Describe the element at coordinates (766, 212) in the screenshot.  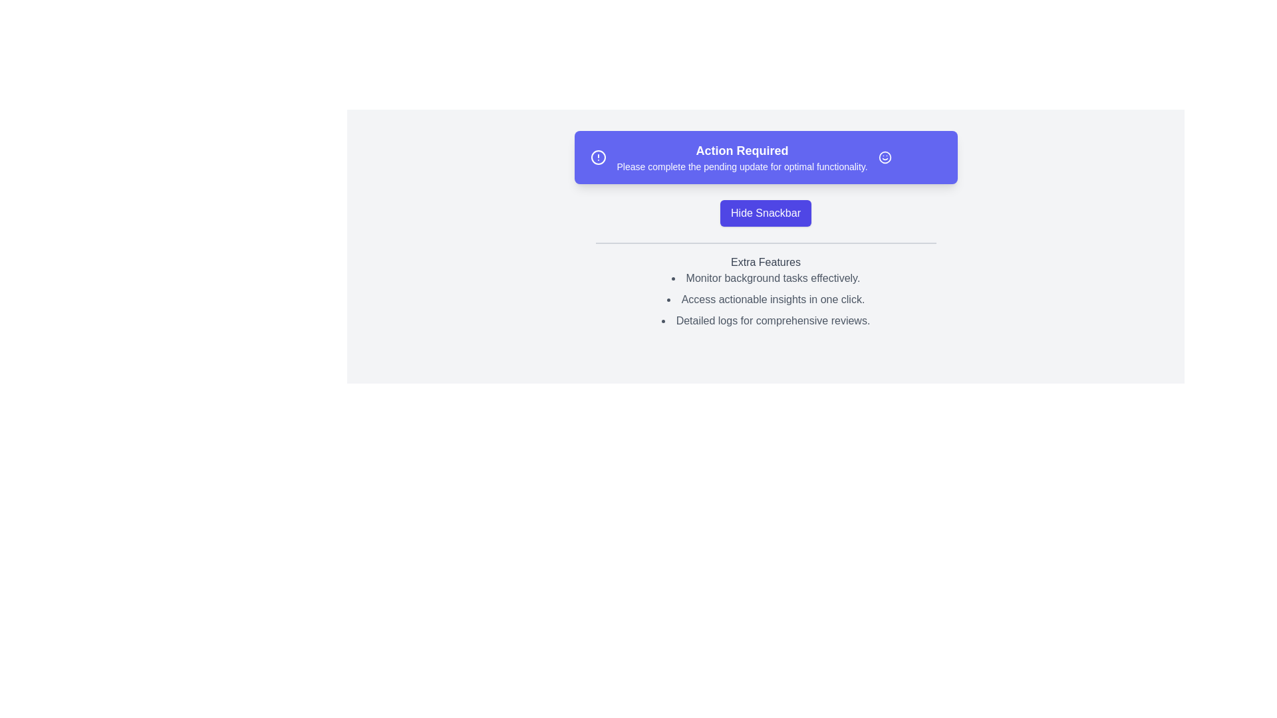
I see `the 'Hide Snackbar' button to hide the snackbar` at that location.